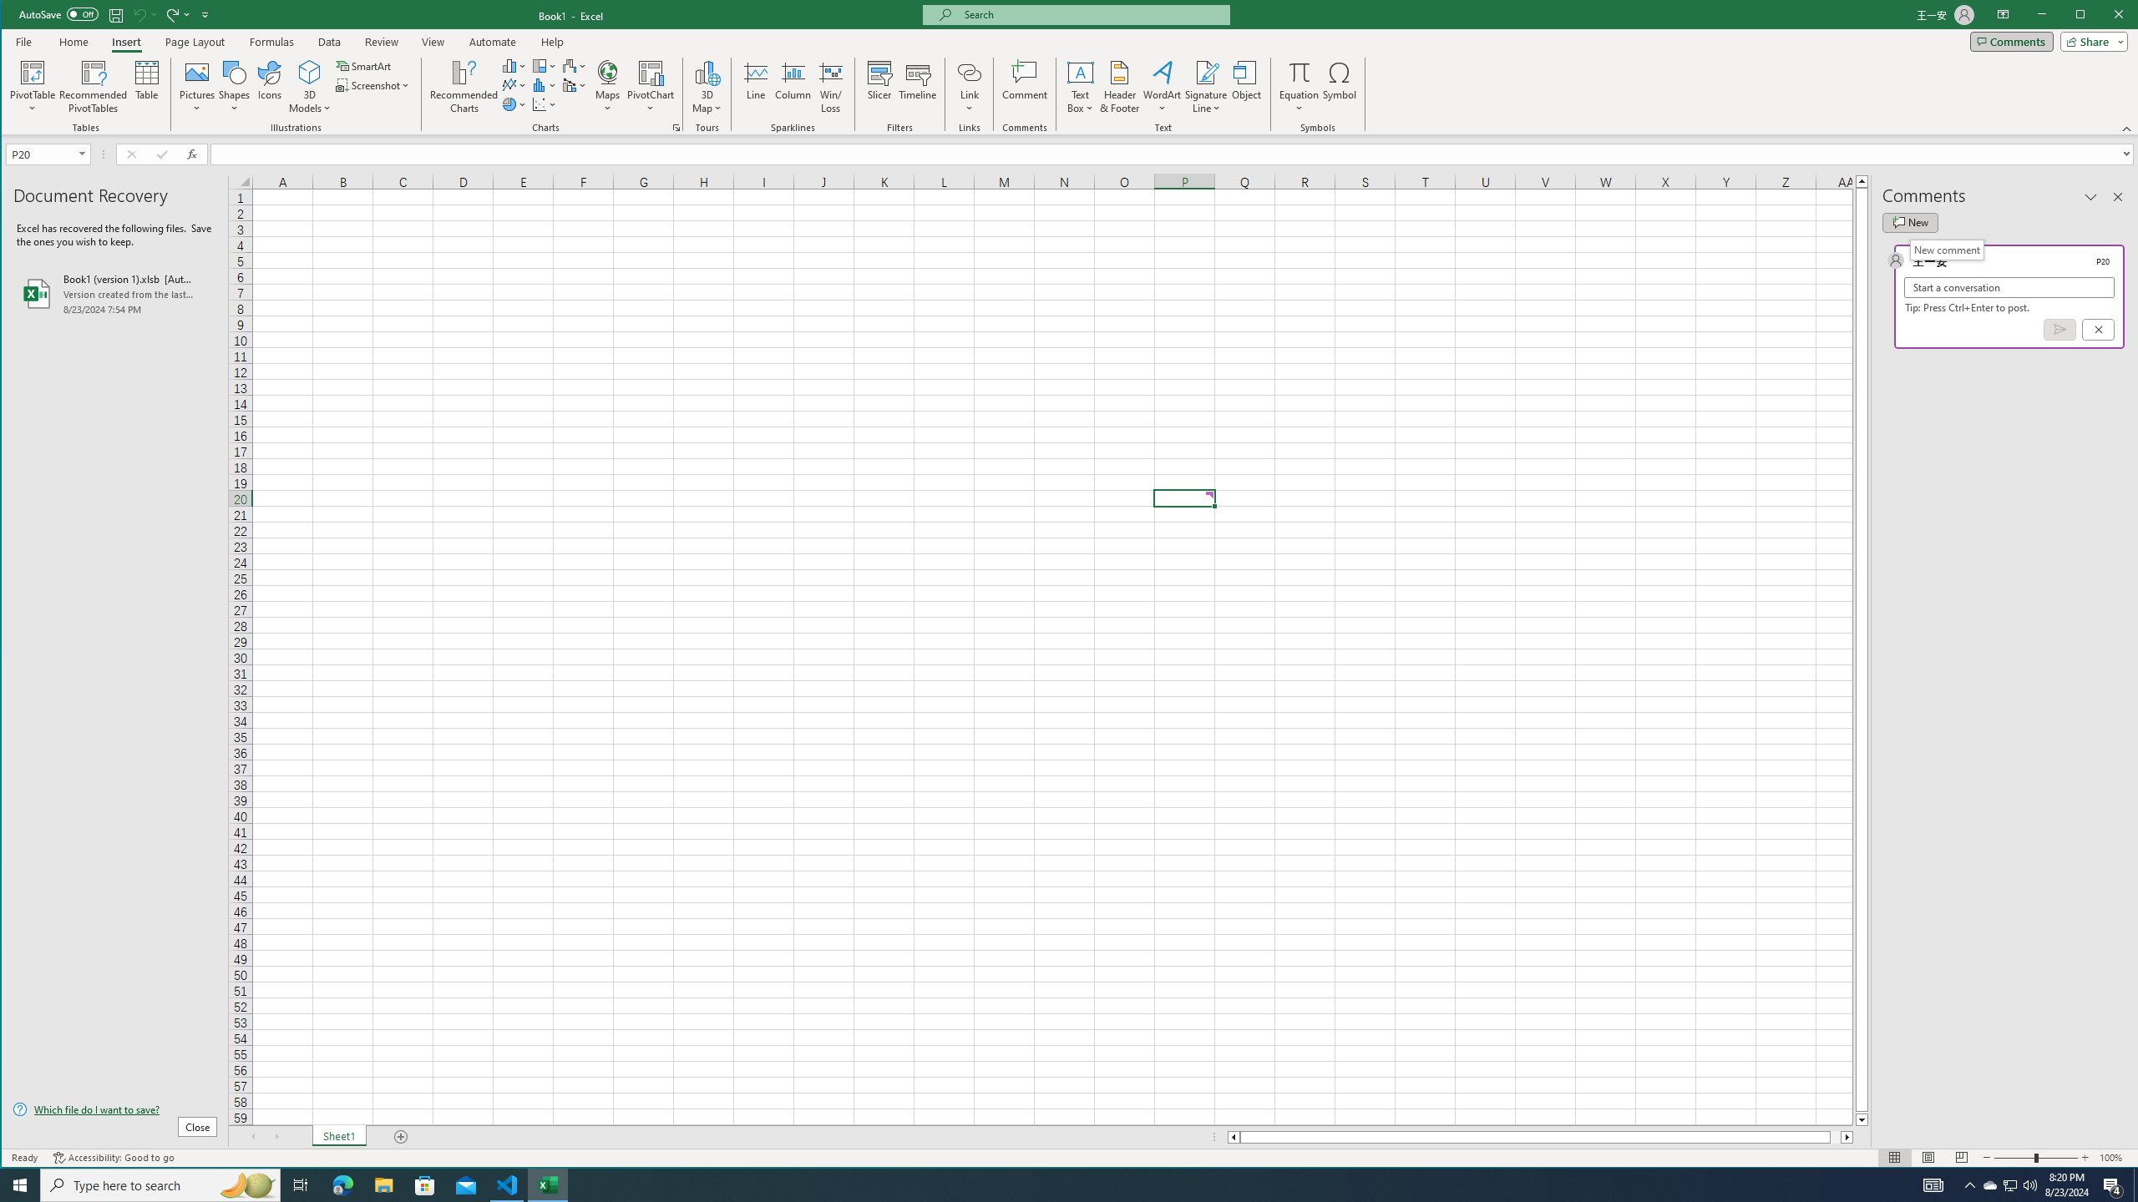  What do you see at coordinates (309, 86) in the screenshot?
I see `'3D Models'` at bounding box center [309, 86].